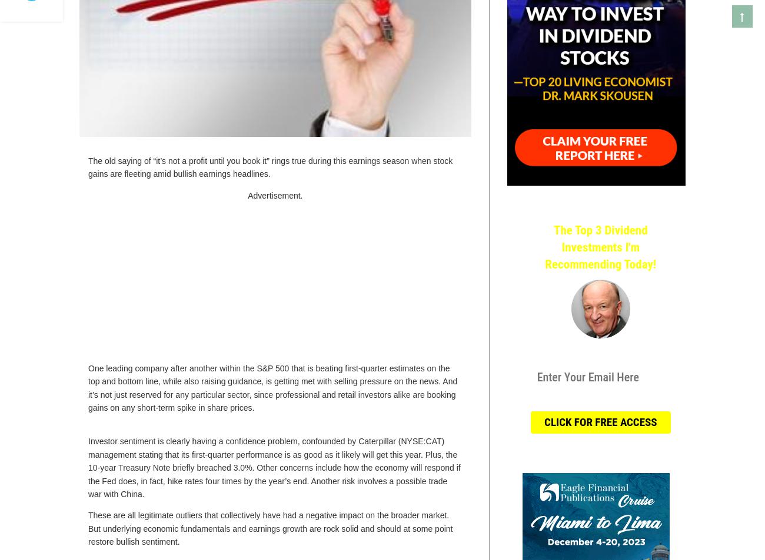 Image resolution: width=765 pixels, height=560 pixels. What do you see at coordinates (600, 246) in the screenshot?
I see `'The Top 3 Dividend Investments I'm Recommending Today!'` at bounding box center [600, 246].